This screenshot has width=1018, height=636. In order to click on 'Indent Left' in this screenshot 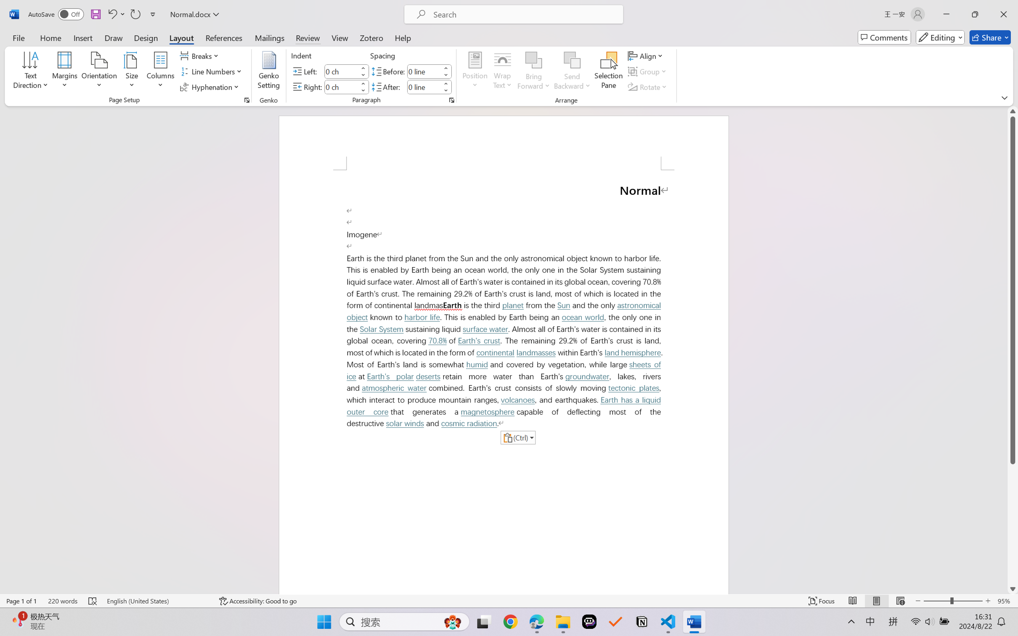, I will do `click(341, 71)`.